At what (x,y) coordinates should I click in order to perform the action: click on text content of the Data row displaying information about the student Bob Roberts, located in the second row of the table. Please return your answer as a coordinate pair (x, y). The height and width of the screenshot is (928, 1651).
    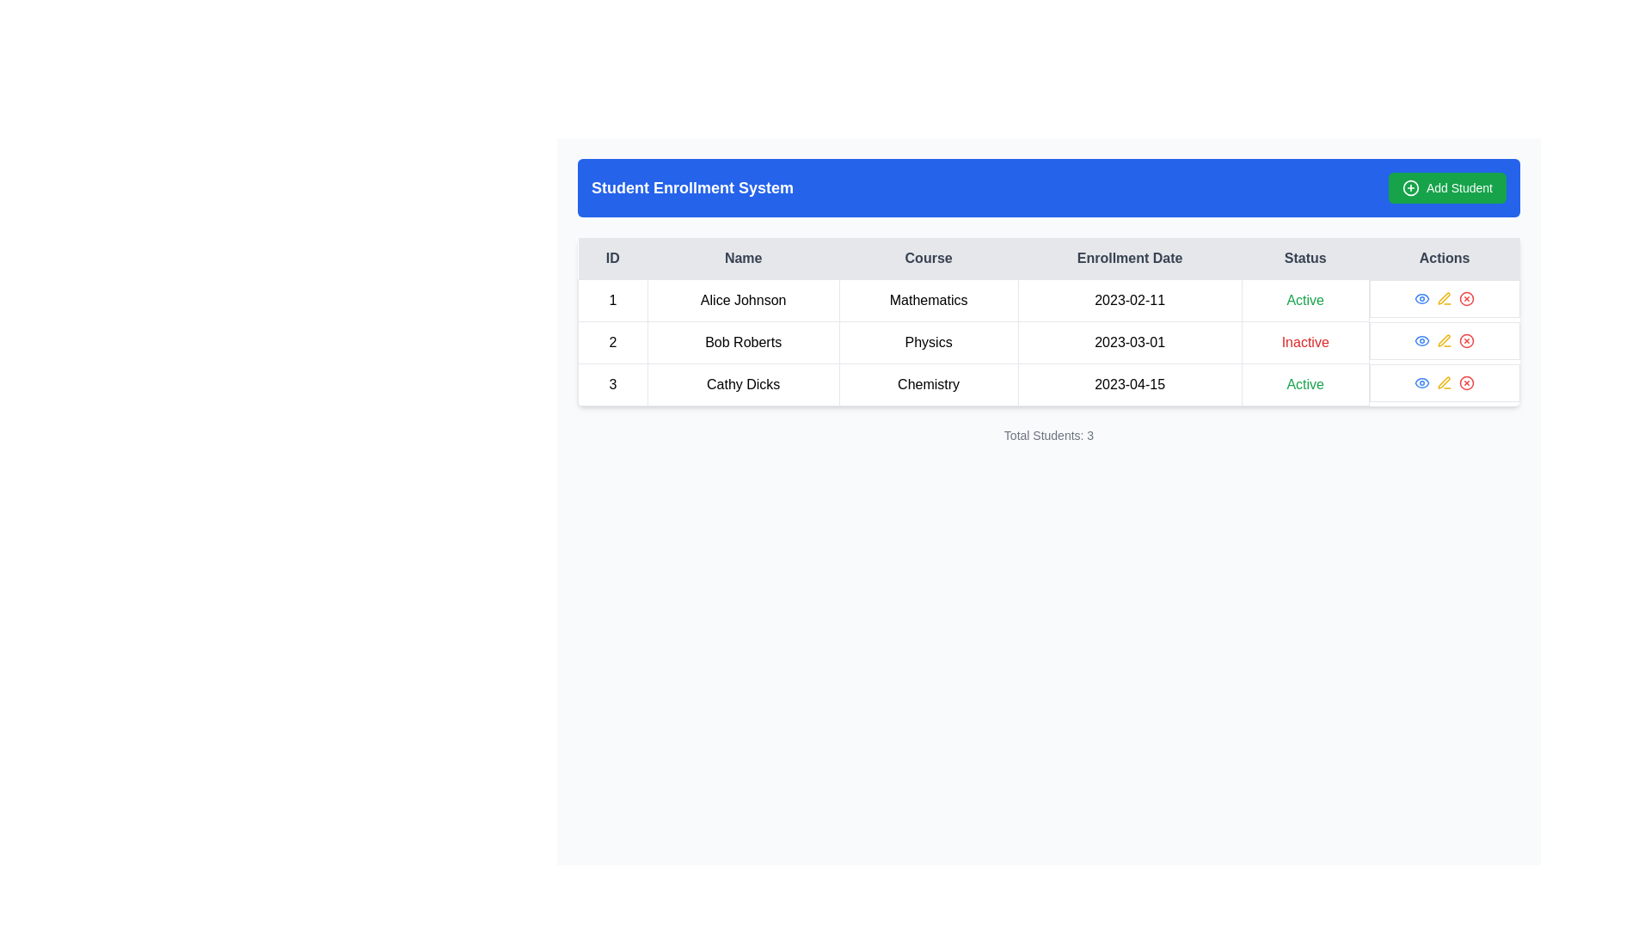
    Looking at the image, I should click on (1048, 342).